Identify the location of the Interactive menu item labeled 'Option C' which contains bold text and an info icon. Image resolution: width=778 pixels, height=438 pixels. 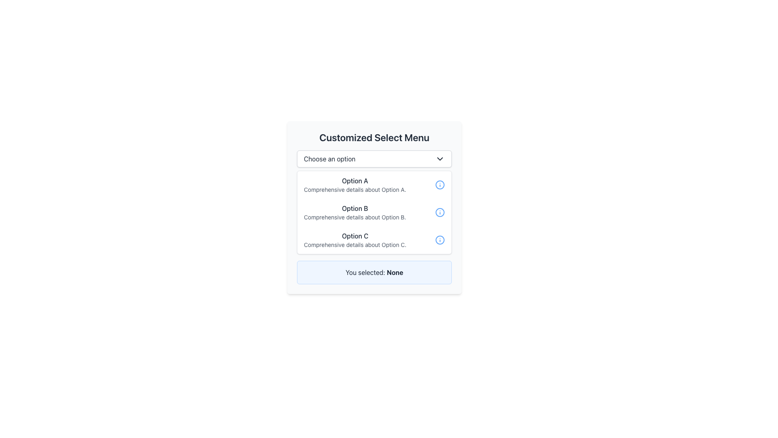
(374, 239).